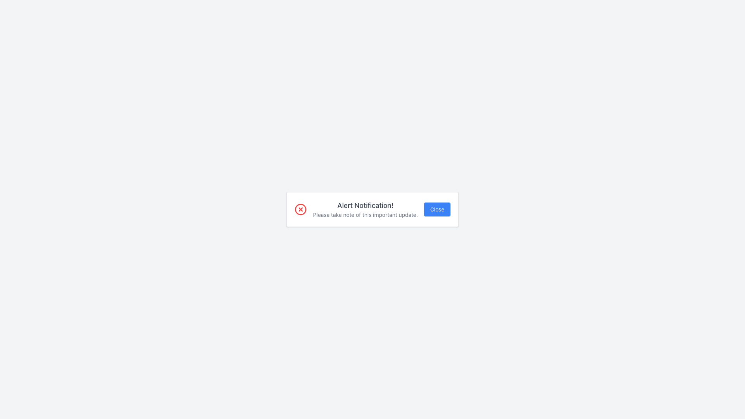 The image size is (745, 419). I want to click on the 'Close' button with a blue background and white text, located at the far right of the notification dialog box, so click(437, 209).